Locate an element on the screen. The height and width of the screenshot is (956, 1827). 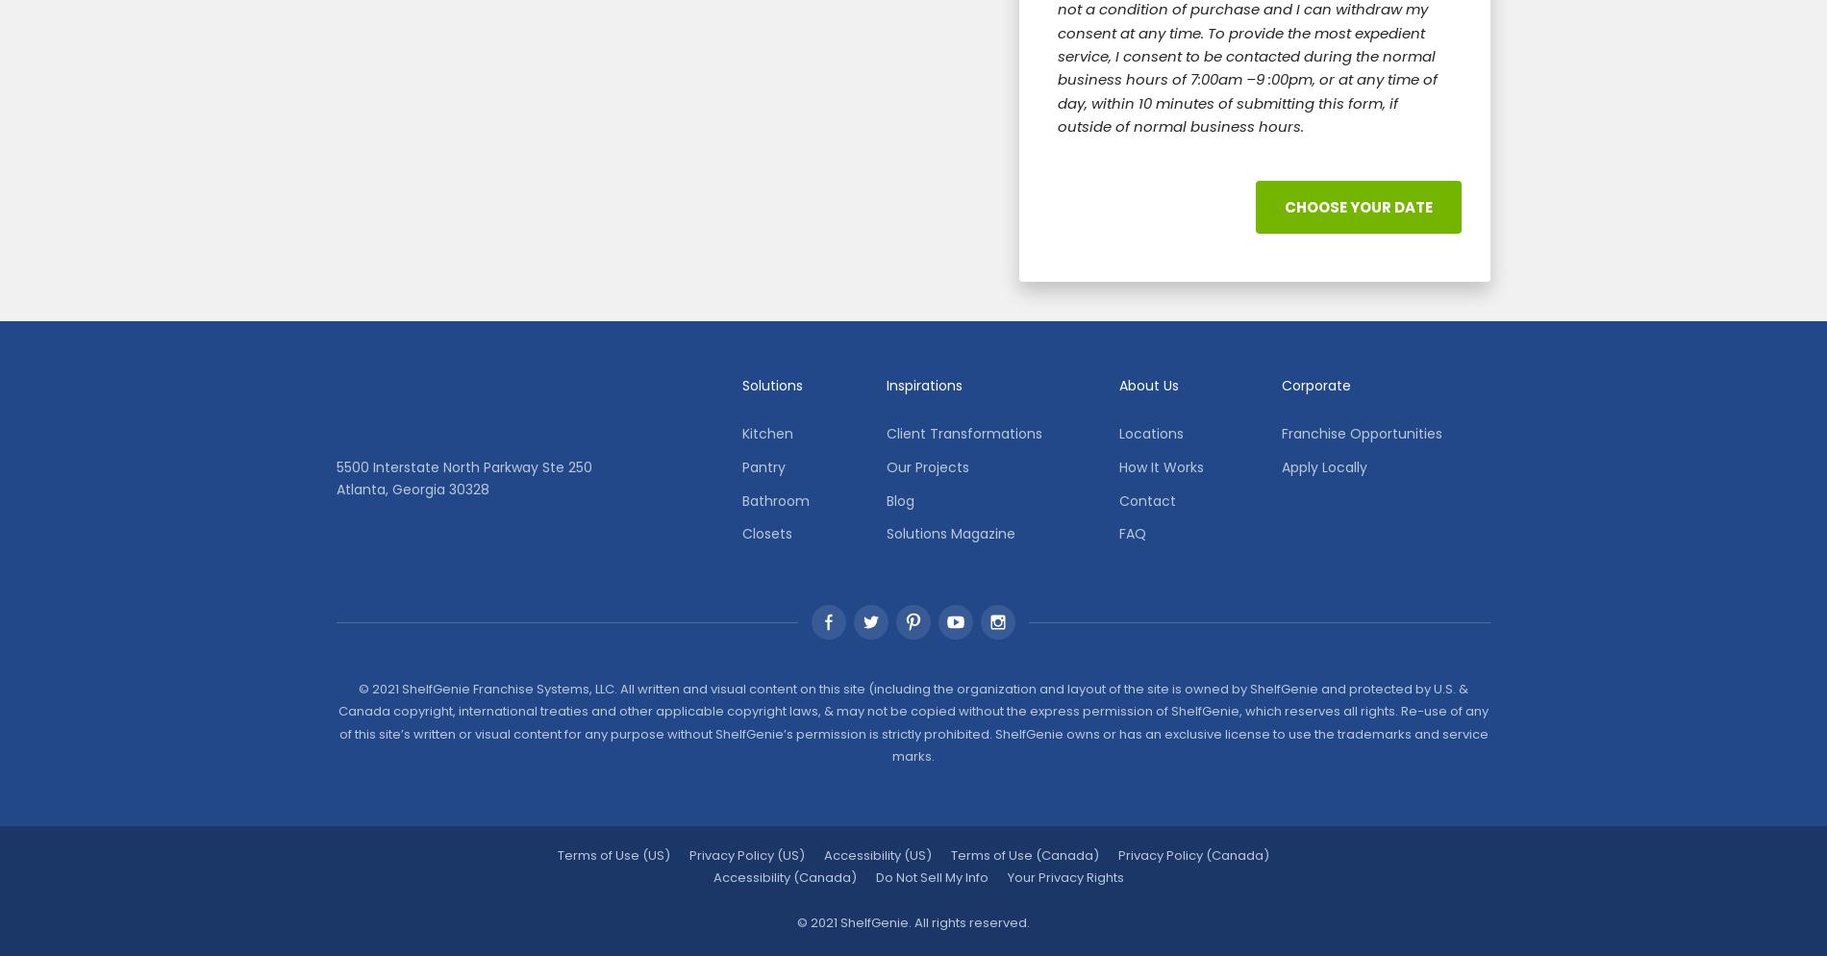
'Corporate' is located at coordinates (1314, 384).